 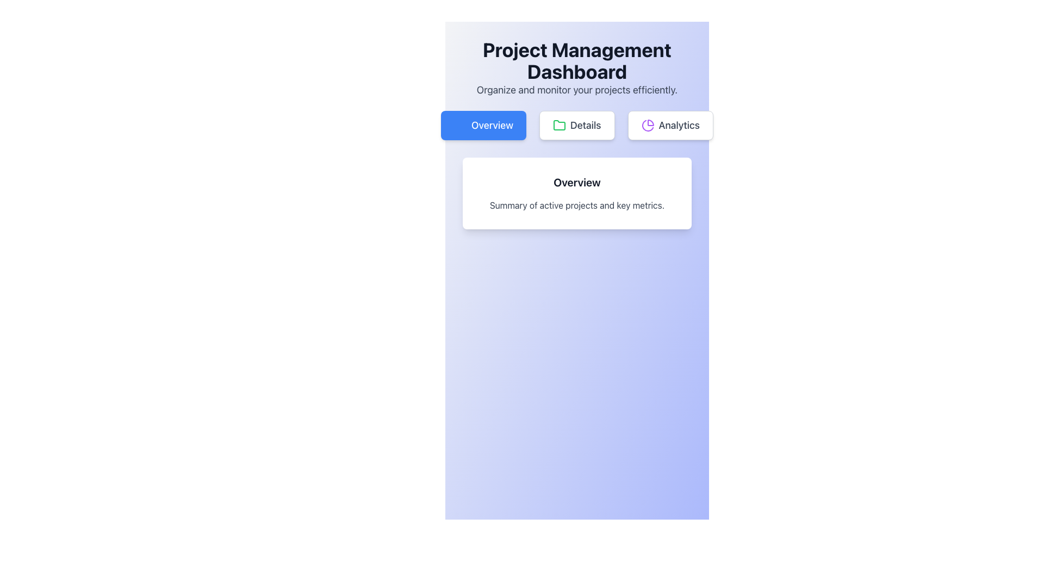 What do you see at coordinates (560, 125) in the screenshot?
I see `the green folder icon located to the left of the 'Details' button, which is centrally positioned under the header section for page navigation` at bounding box center [560, 125].